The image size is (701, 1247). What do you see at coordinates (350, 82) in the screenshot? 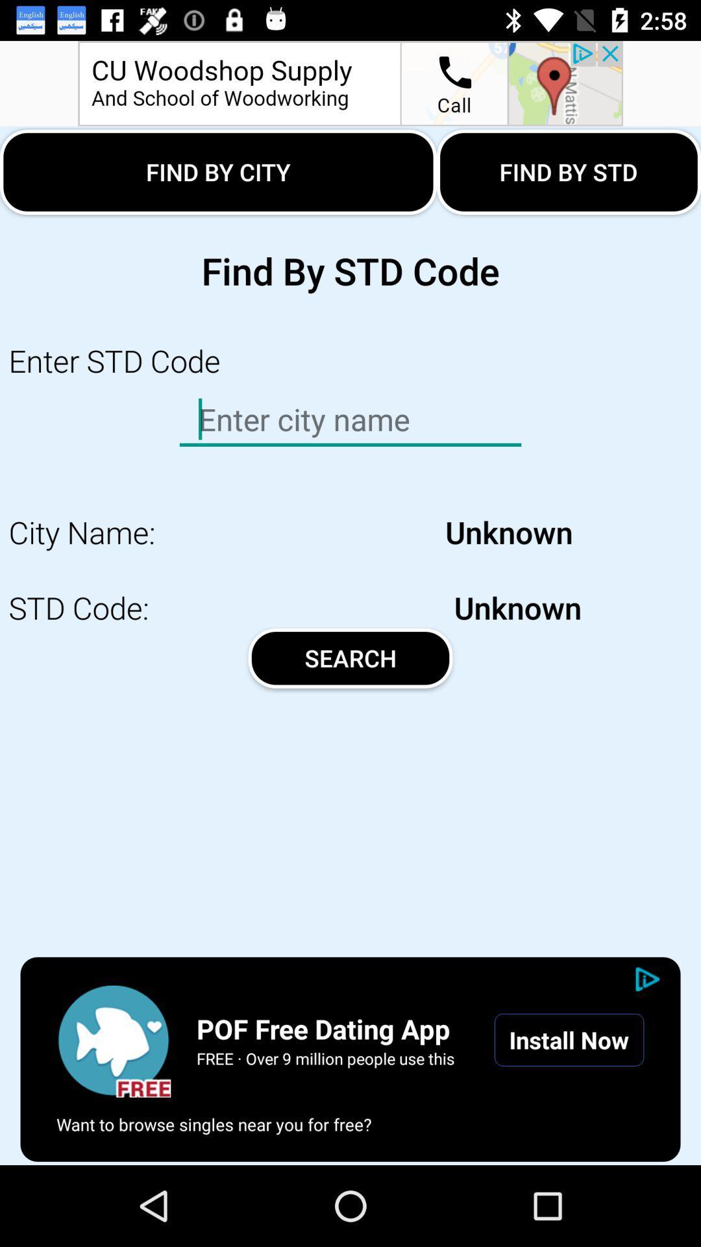
I see `opens advertisement` at bounding box center [350, 82].